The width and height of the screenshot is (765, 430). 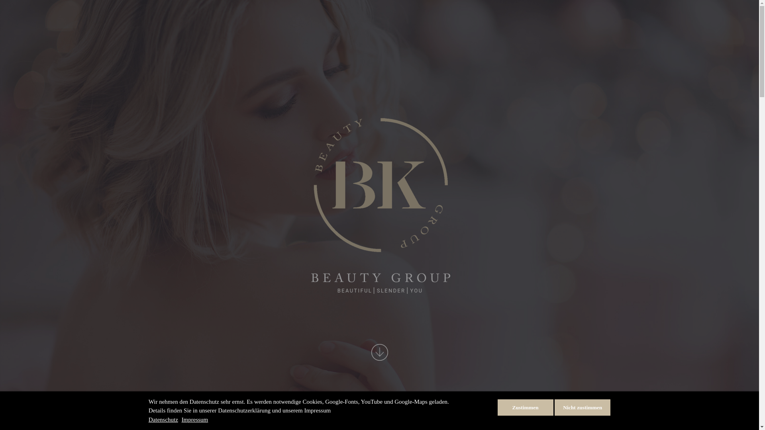 What do you see at coordinates (525, 407) in the screenshot?
I see `'Zustimmen'` at bounding box center [525, 407].